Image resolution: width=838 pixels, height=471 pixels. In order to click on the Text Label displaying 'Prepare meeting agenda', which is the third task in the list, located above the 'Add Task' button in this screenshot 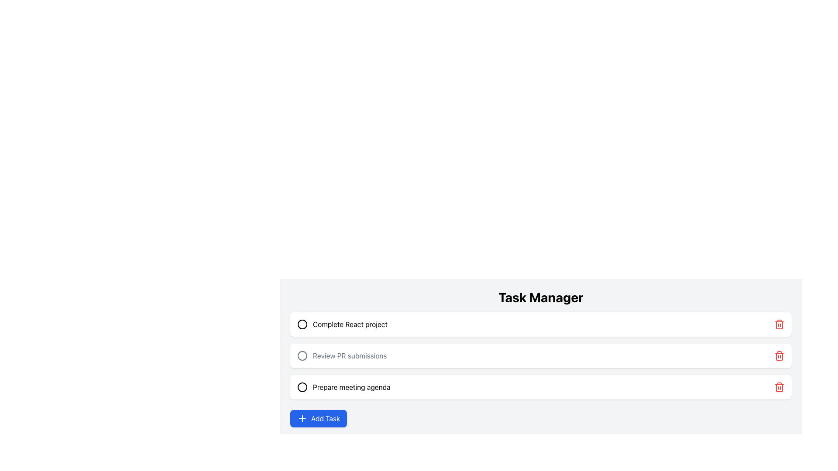, I will do `click(351, 386)`.